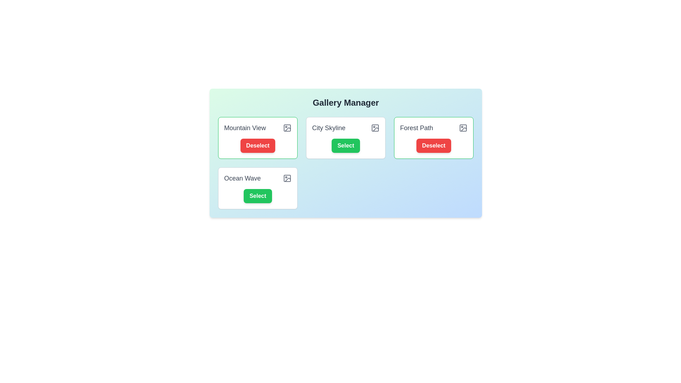 The image size is (681, 383). I want to click on the photo card labeled 'City Skyline' to observe its hover effect, so click(345, 138).